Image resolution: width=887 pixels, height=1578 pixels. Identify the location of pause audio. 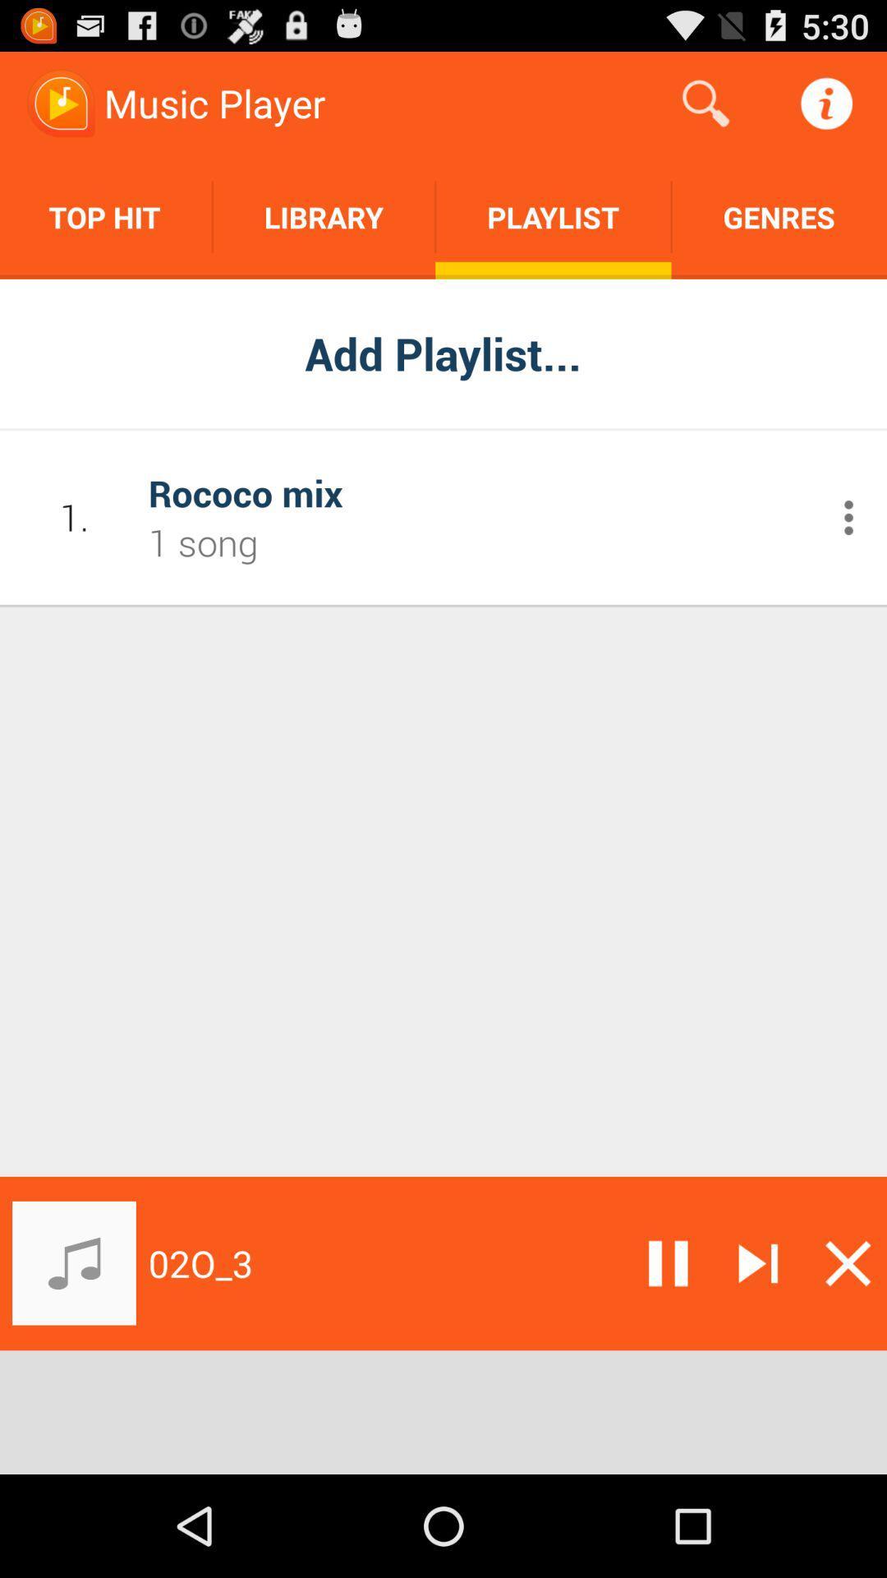
(668, 1262).